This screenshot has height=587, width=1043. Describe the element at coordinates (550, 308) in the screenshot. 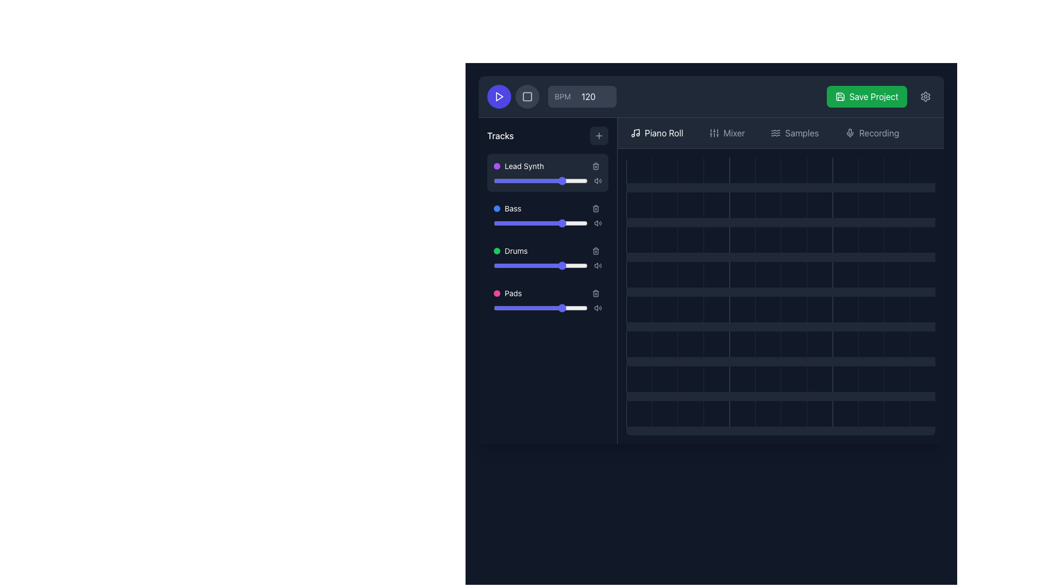

I see `the slider` at that location.